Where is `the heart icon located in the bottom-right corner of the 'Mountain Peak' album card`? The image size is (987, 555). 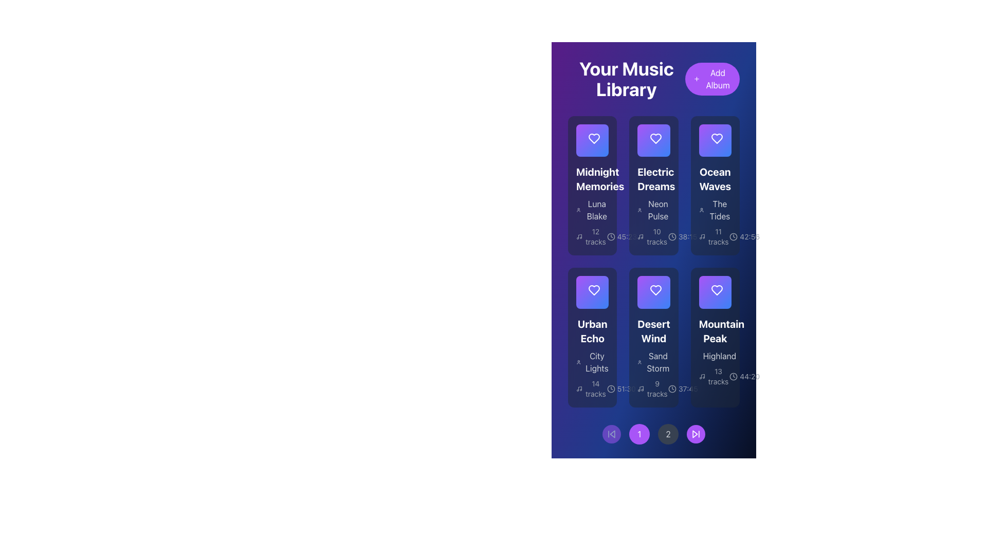 the heart icon located in the bottom-right corner of the 'Mountain Peak' album card is located at coordinates (717, 290).